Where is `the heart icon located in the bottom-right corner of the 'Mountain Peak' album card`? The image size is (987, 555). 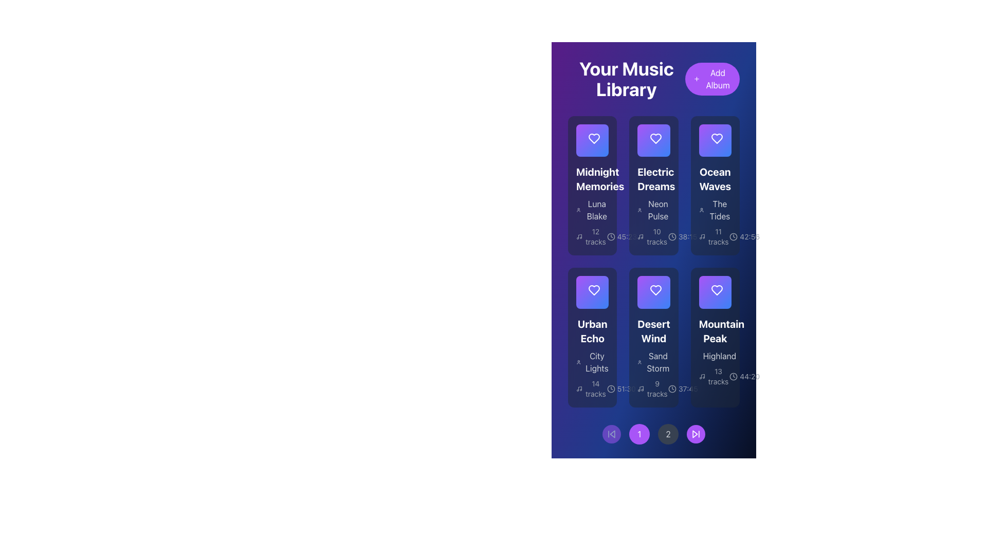 the heart icon located in the bottom-right corner of the 'Mountain Peak' album card is located at coordinates (717, 290).